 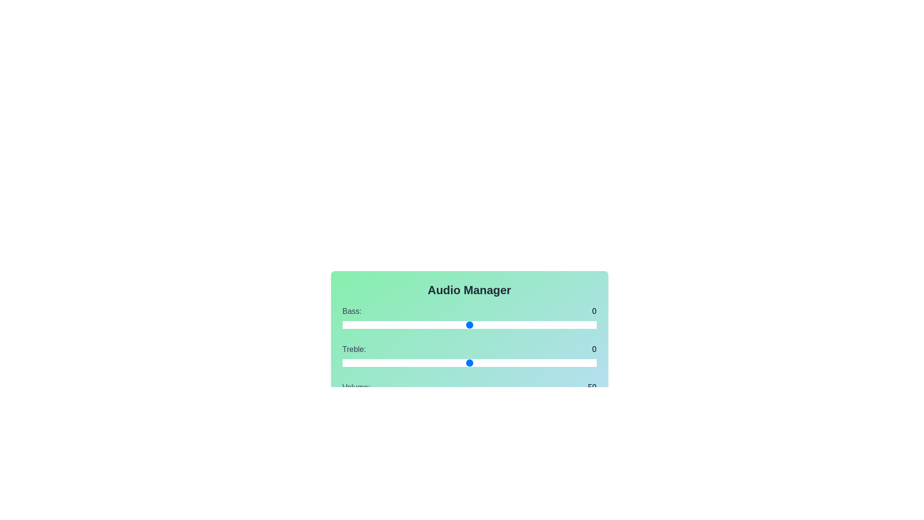 What do you see at coordinates (456, 363) in the screenshot?
I see `the Treble slider to -1` at bounding box center [456, 363].